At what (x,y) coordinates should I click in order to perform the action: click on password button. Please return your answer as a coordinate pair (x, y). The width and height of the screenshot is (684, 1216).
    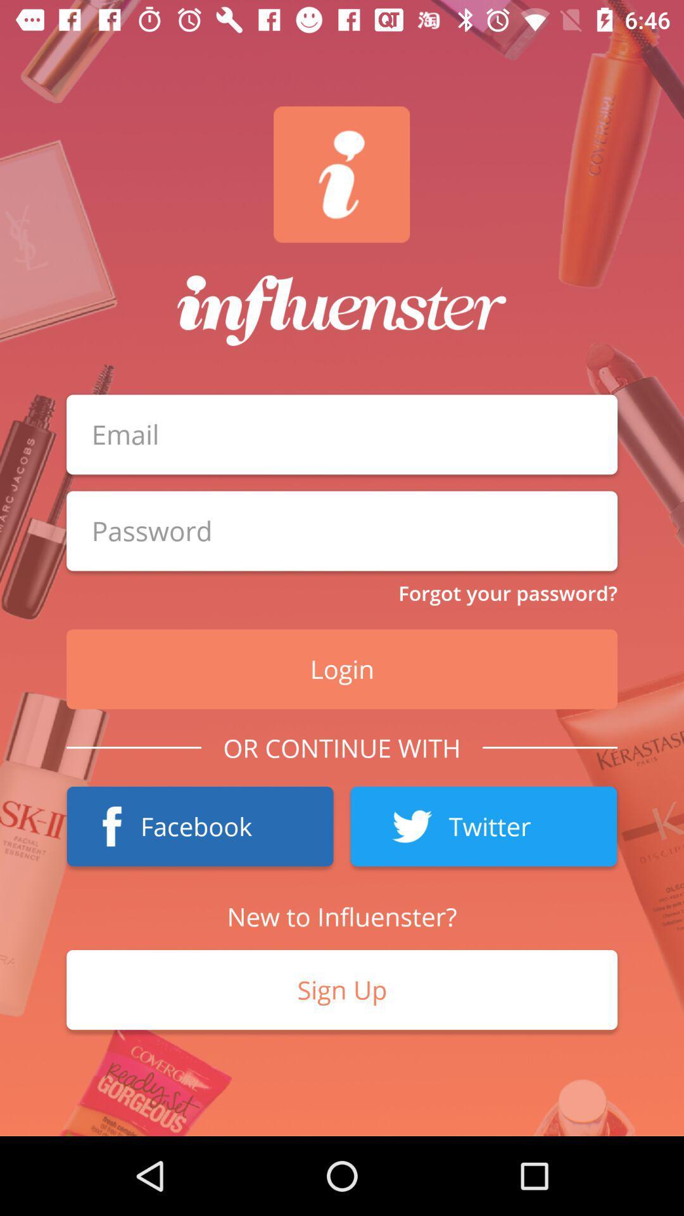
    Looking at the image, I should click on (342, 531).